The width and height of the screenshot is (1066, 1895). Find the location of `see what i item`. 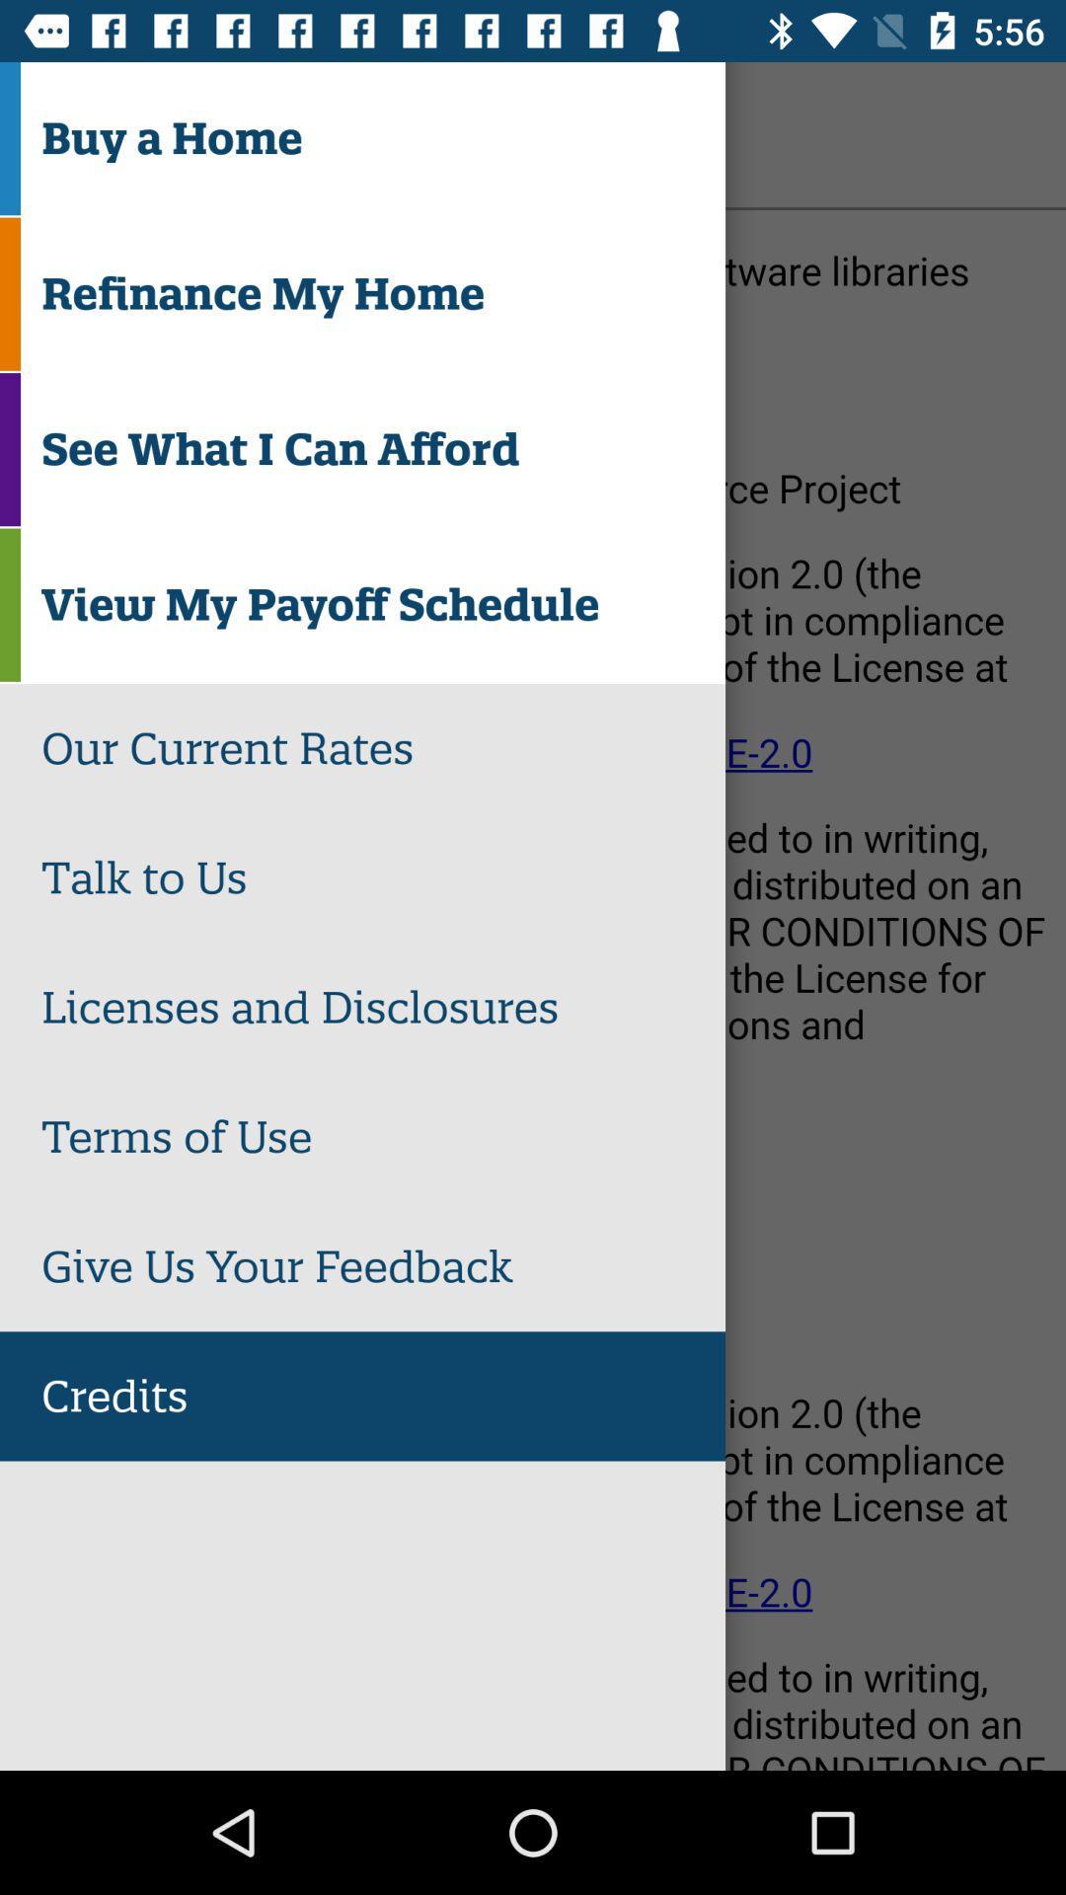

see what i item is located at coordinates (383, 448).